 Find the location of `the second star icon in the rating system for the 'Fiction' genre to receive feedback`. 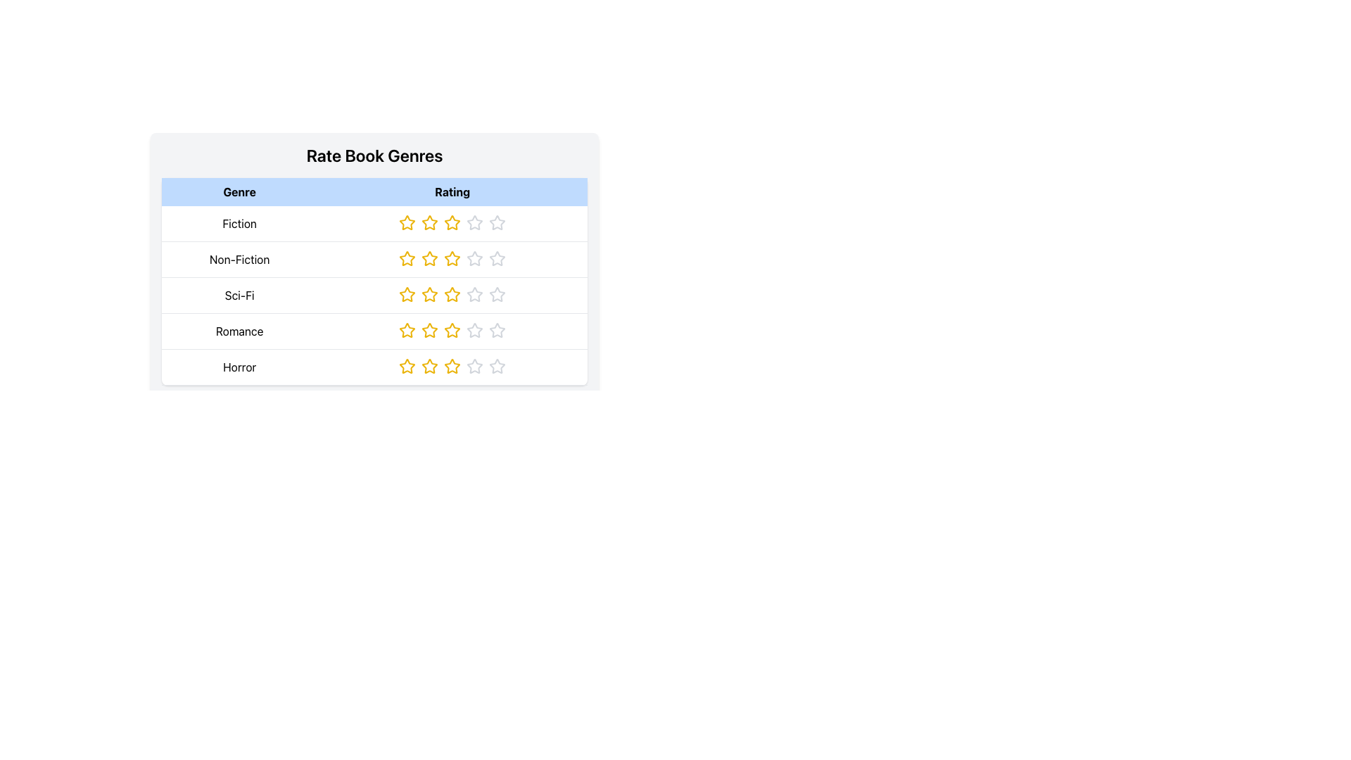

the second star icon in the rating system for the 'Fiction' genre to receive feedback is located at coordinates (429, 222).